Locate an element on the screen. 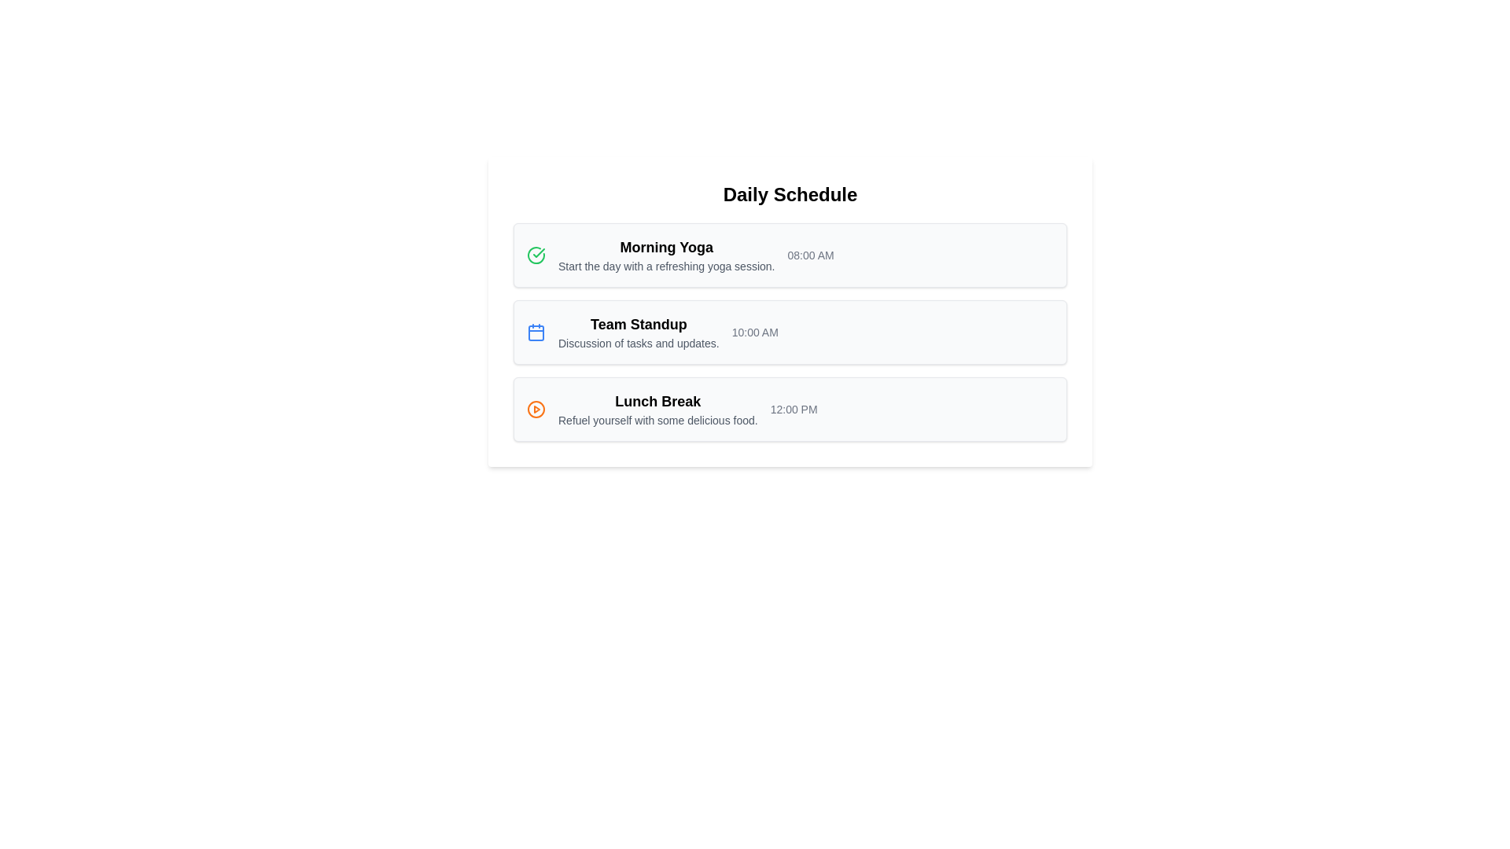 The width and height of the screenshot is (1510, 849). details of the event titled 'Morning Yoga', which includes a description of 'Start the day with a refreshing yoga session.' and the time '08:00 AM', located in the first item of the Daily Schedule list is located at coordinates (790, 254).